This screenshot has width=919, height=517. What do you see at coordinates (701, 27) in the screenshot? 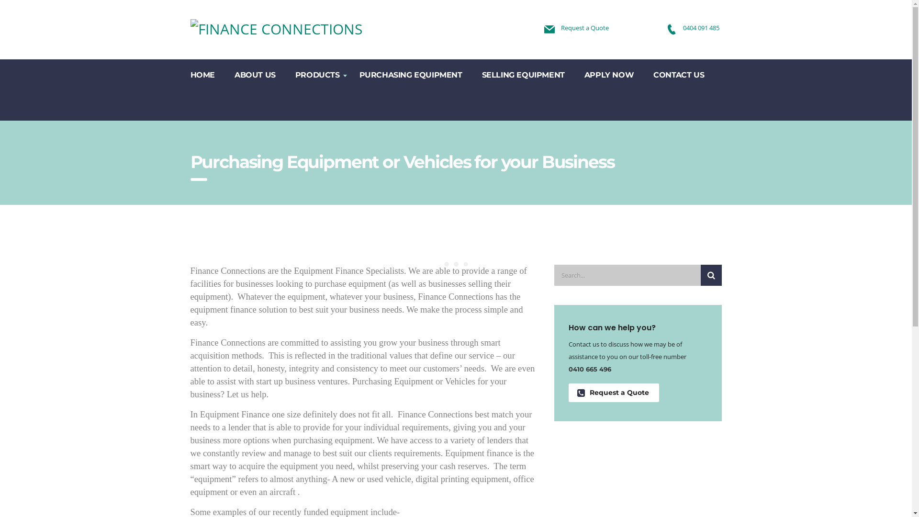
I see `'0404 091 485'` at bounding box center [701, 27].